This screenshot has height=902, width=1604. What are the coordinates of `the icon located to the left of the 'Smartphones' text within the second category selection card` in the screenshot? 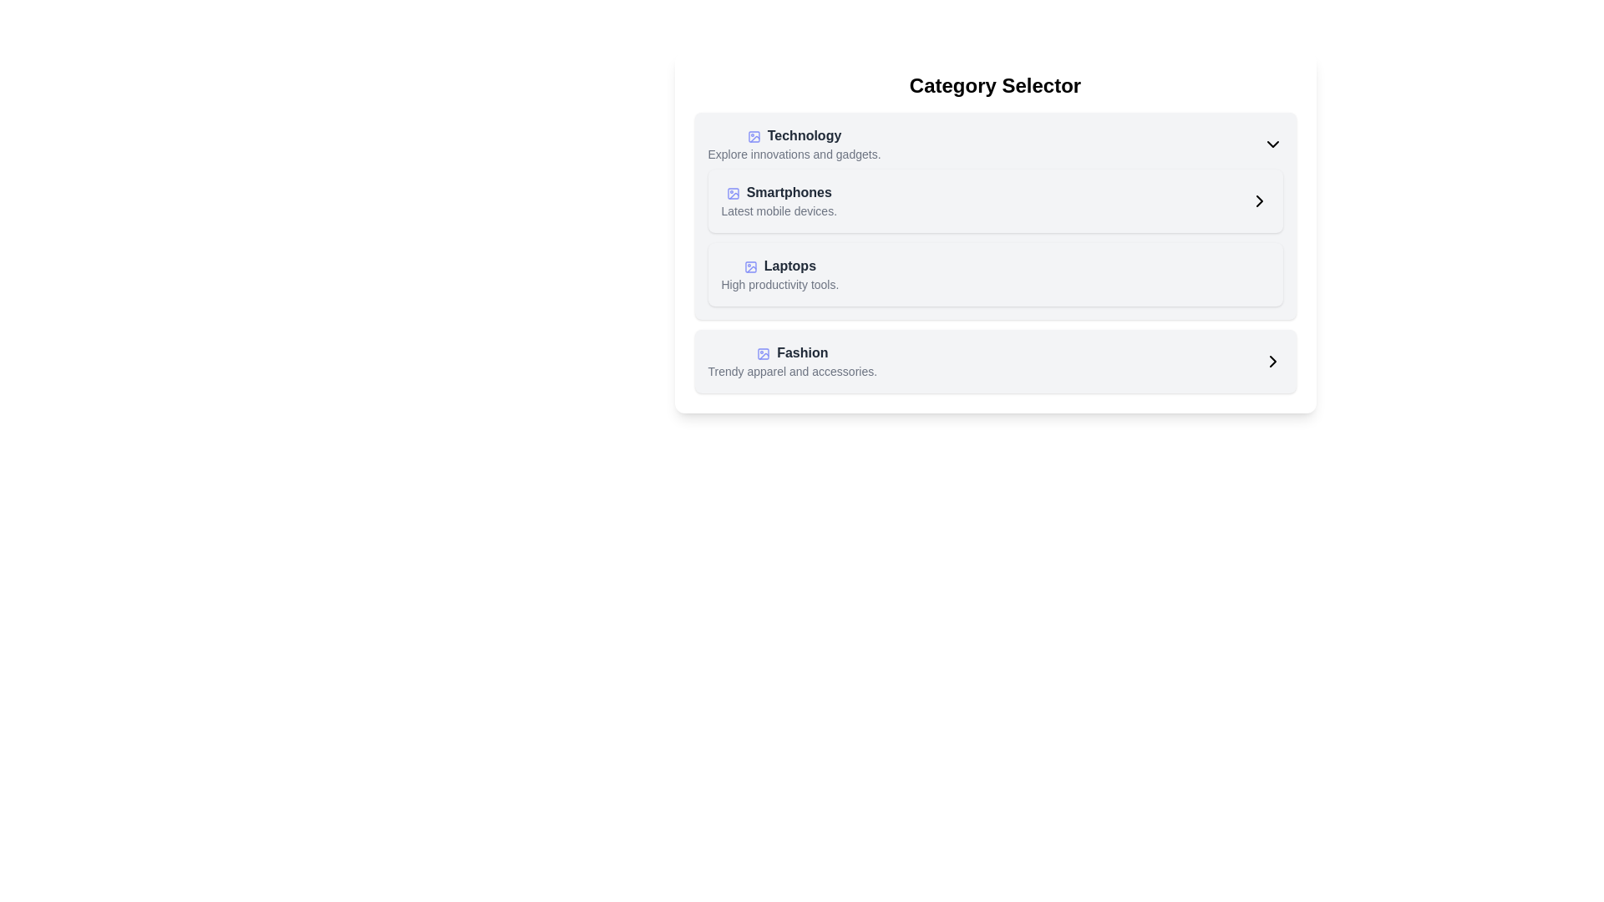 It's located at (733, 192).